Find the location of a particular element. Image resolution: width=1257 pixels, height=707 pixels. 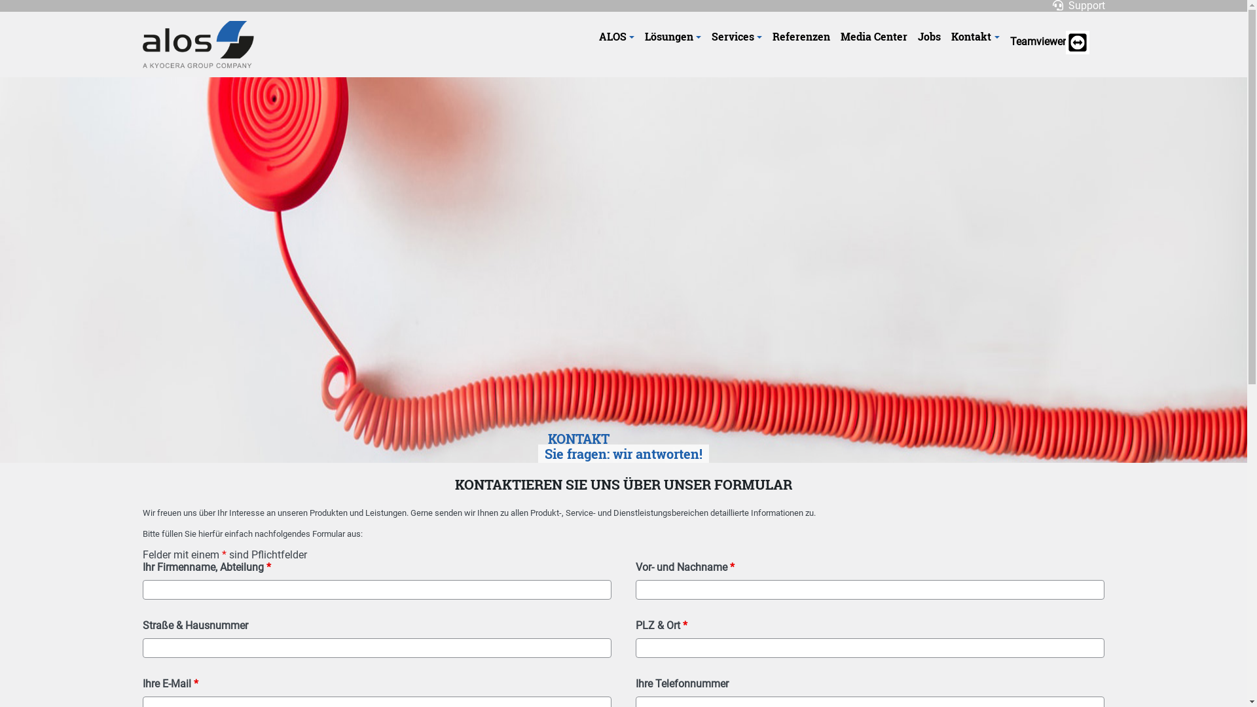

'Jobs' is located at coordinates (911, 36).